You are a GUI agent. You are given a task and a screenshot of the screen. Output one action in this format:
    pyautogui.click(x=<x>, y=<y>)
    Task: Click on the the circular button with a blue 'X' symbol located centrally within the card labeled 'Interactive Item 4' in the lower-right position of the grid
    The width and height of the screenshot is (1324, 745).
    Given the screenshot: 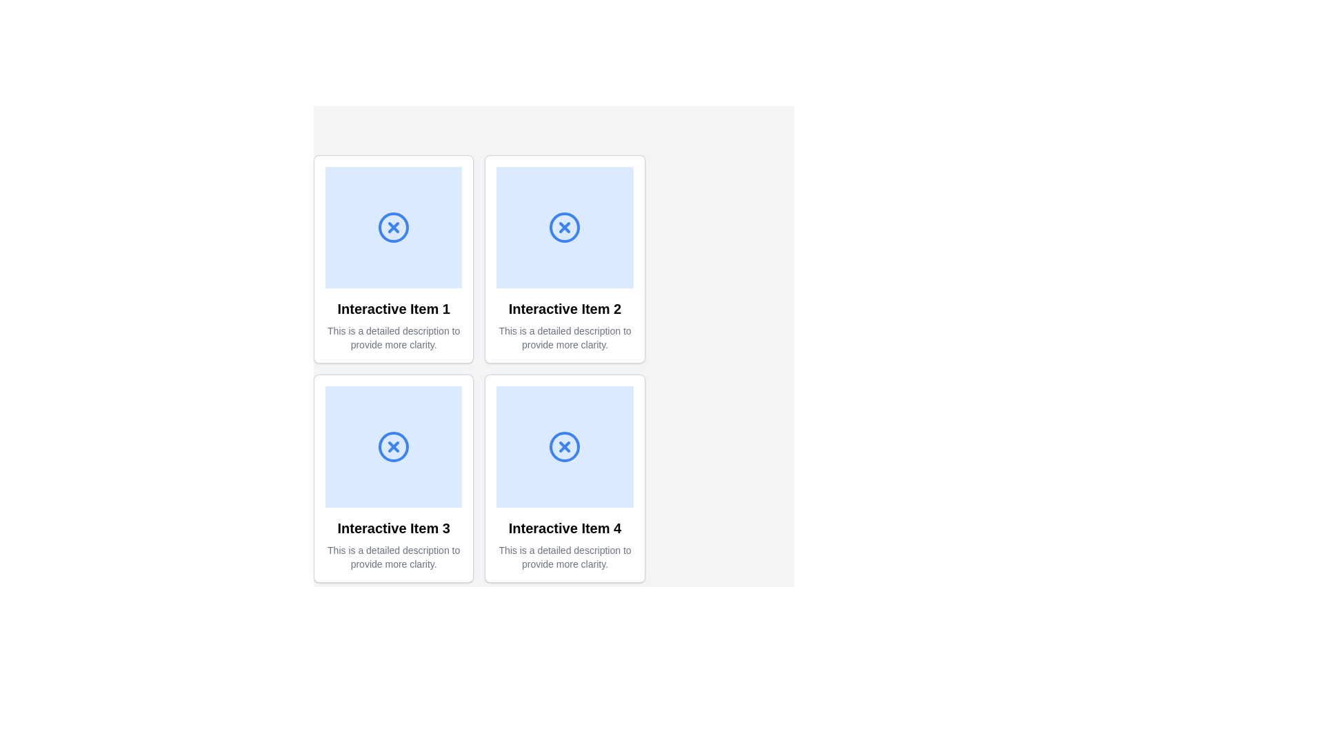 What is the action you would take?
    pyautogui.click(x=565, y=447)
    